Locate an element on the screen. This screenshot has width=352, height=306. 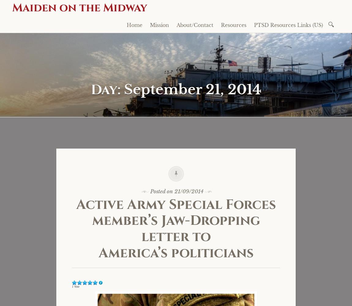
'PTSD Resources Links (US)' is located at coordinates (288, 25).